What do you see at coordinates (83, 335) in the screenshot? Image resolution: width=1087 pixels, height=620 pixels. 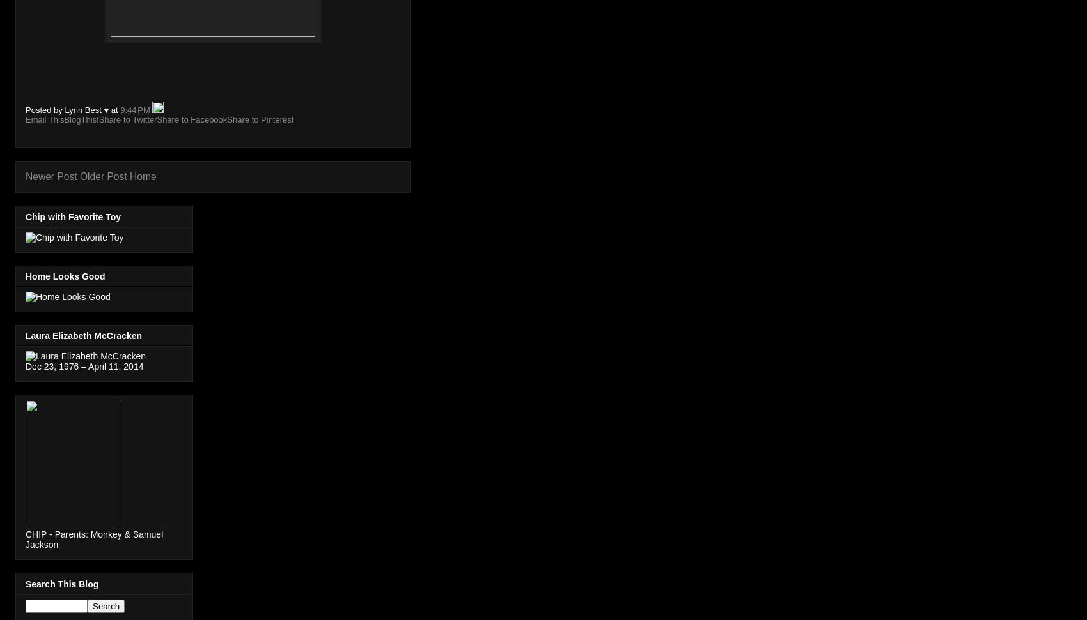 I see `'Laura Elizabeth McCracken'` at bounding box center [83, 335].